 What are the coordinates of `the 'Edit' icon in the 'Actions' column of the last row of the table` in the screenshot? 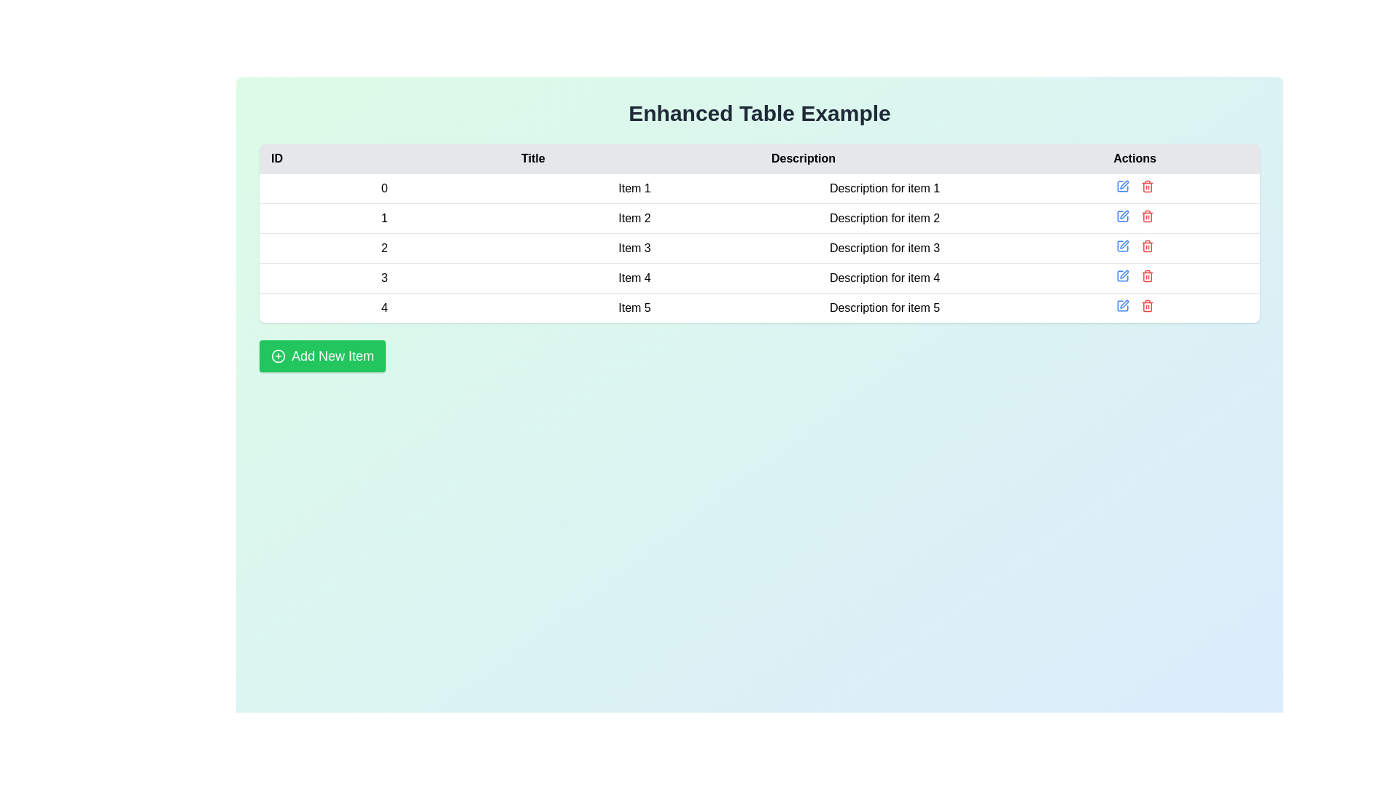 It's located at (1121, 305).